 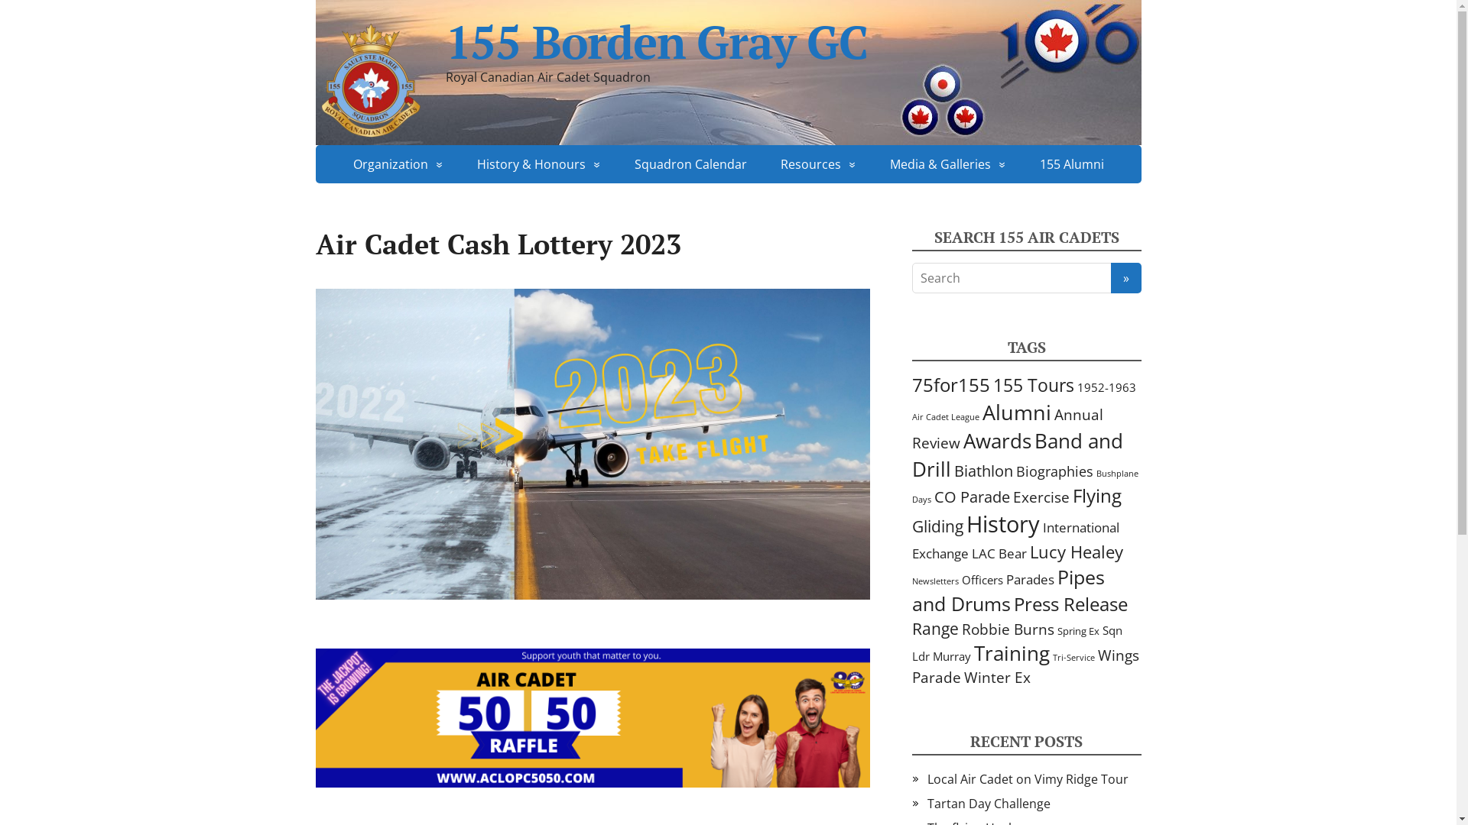 What do you see at coordinates (981, 411) in the screenshot?
I see `'Alumni'` at bounding box center [981, 411].